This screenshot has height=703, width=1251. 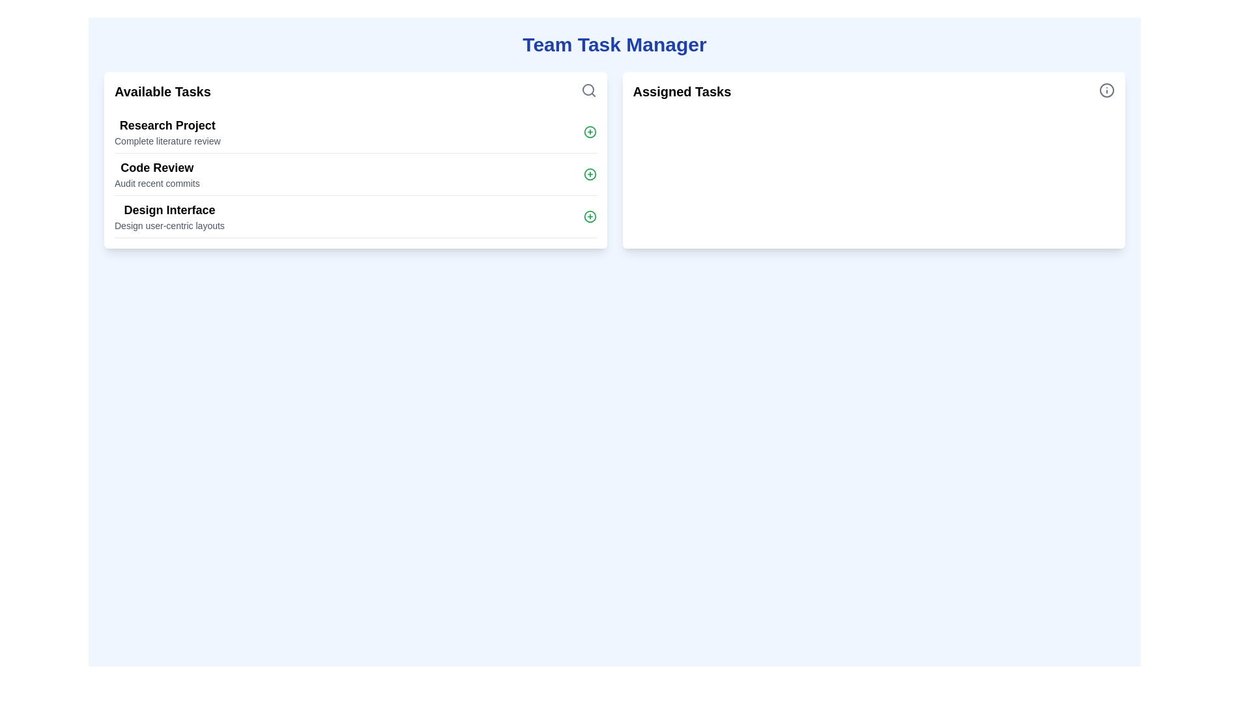 What do you see at coordinates (614, 44) in the screenshot?
I see `the prominently displayed text label 'Team Task Manager' which is styled in a large, bold, blue font and located at the top center of the task management interface` at bounding box center [614, 44].